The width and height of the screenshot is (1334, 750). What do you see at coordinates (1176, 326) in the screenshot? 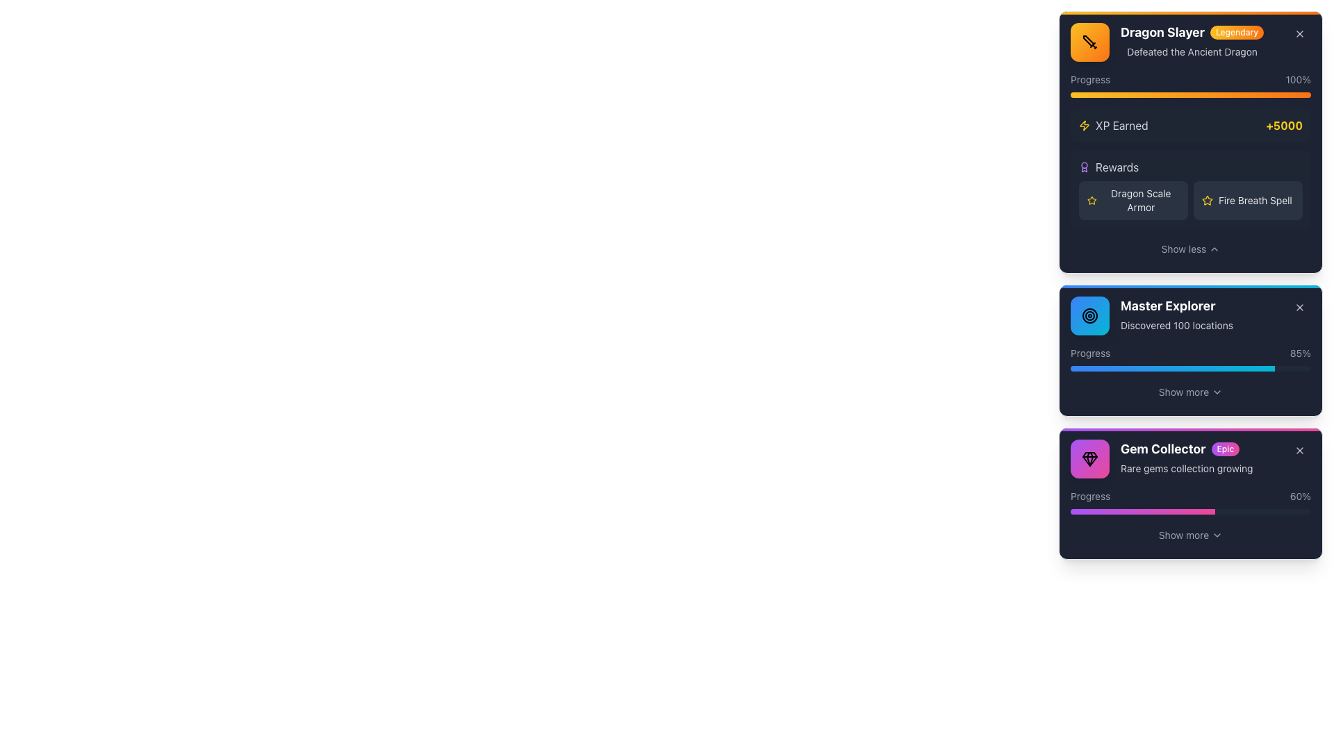
I see `the informational text label reading 'Discovered 100 locations' located beneath the title 'Master Explorer' and above the progress bar in the 'Master Explorer' achievement card` at bounding box center [1176, 326].